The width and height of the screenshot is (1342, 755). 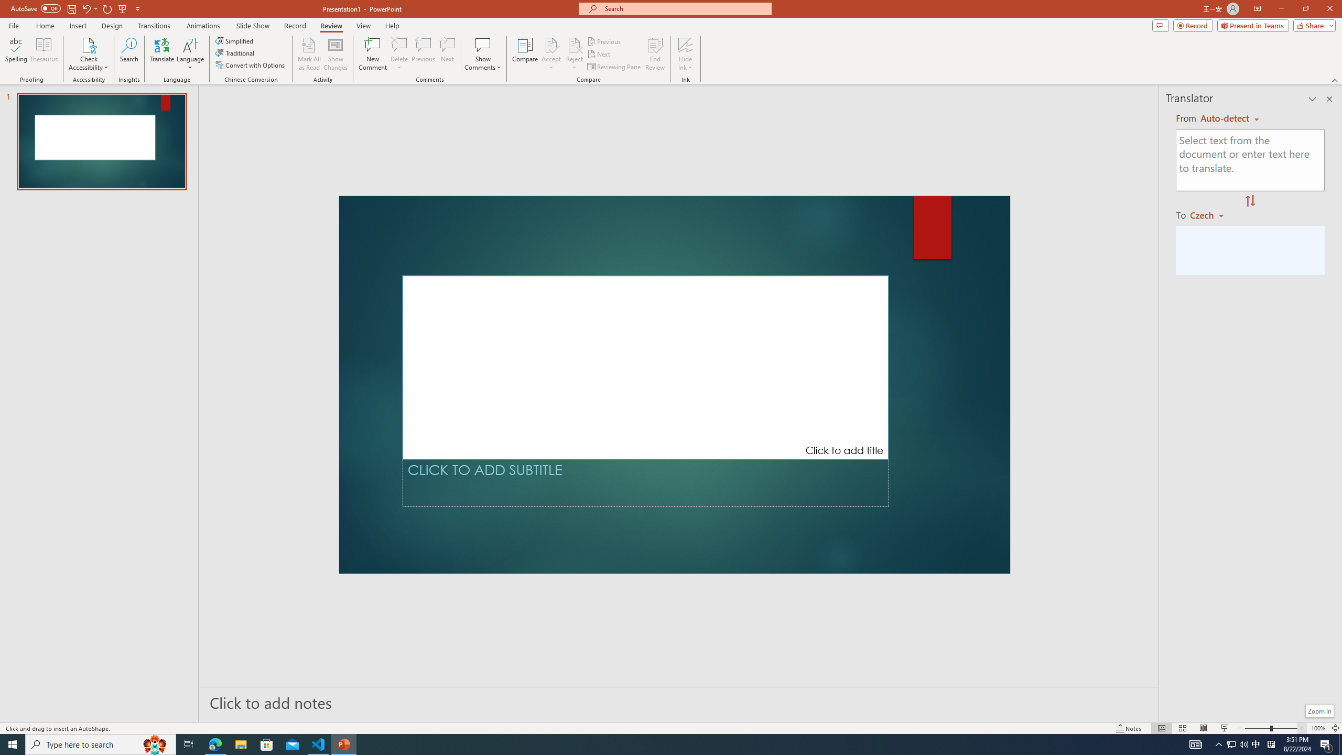 I want to click on 'Delete', so click(x=399, y=44).